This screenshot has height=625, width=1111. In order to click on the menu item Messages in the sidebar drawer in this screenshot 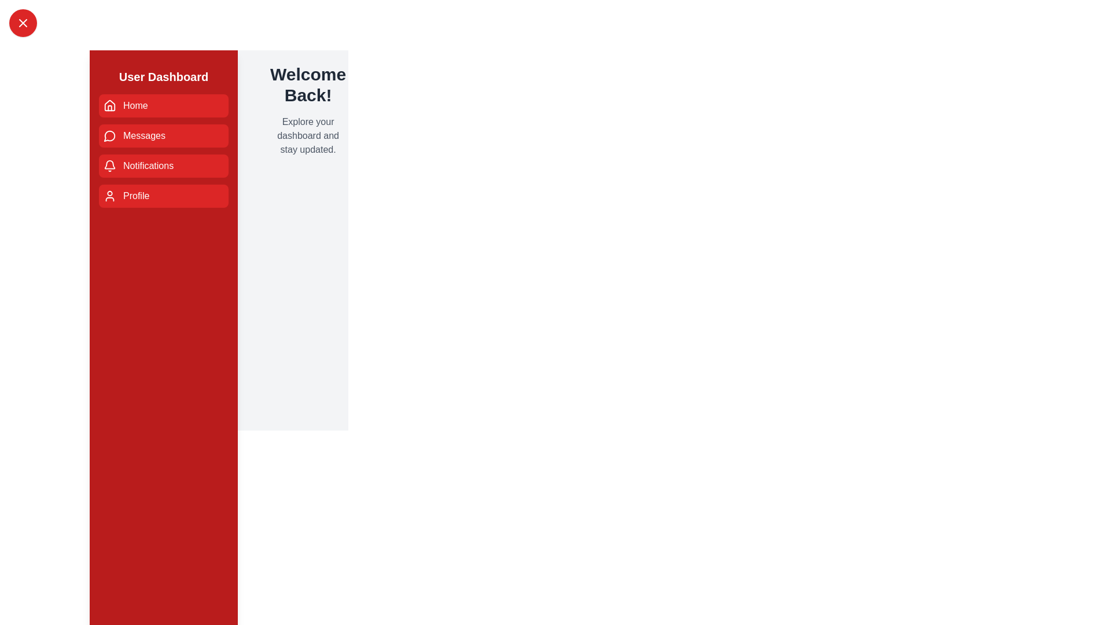, I will do `click(163, 135)`.